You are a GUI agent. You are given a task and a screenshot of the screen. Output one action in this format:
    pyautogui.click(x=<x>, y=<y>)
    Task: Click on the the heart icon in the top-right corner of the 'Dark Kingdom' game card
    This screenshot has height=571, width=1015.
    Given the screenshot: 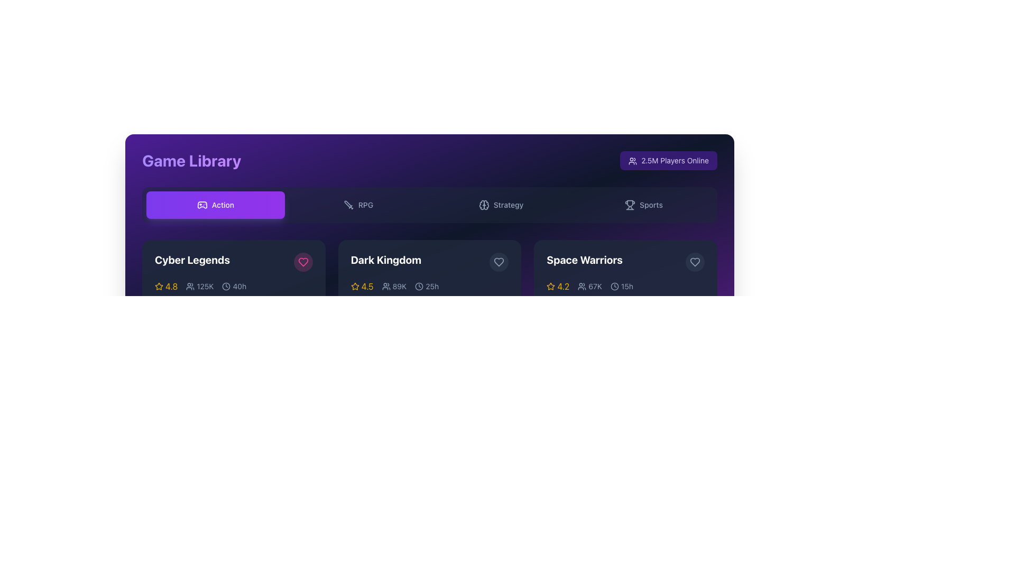 What is the action you would take?
    pyautogui.click(x=499, y=262)
    